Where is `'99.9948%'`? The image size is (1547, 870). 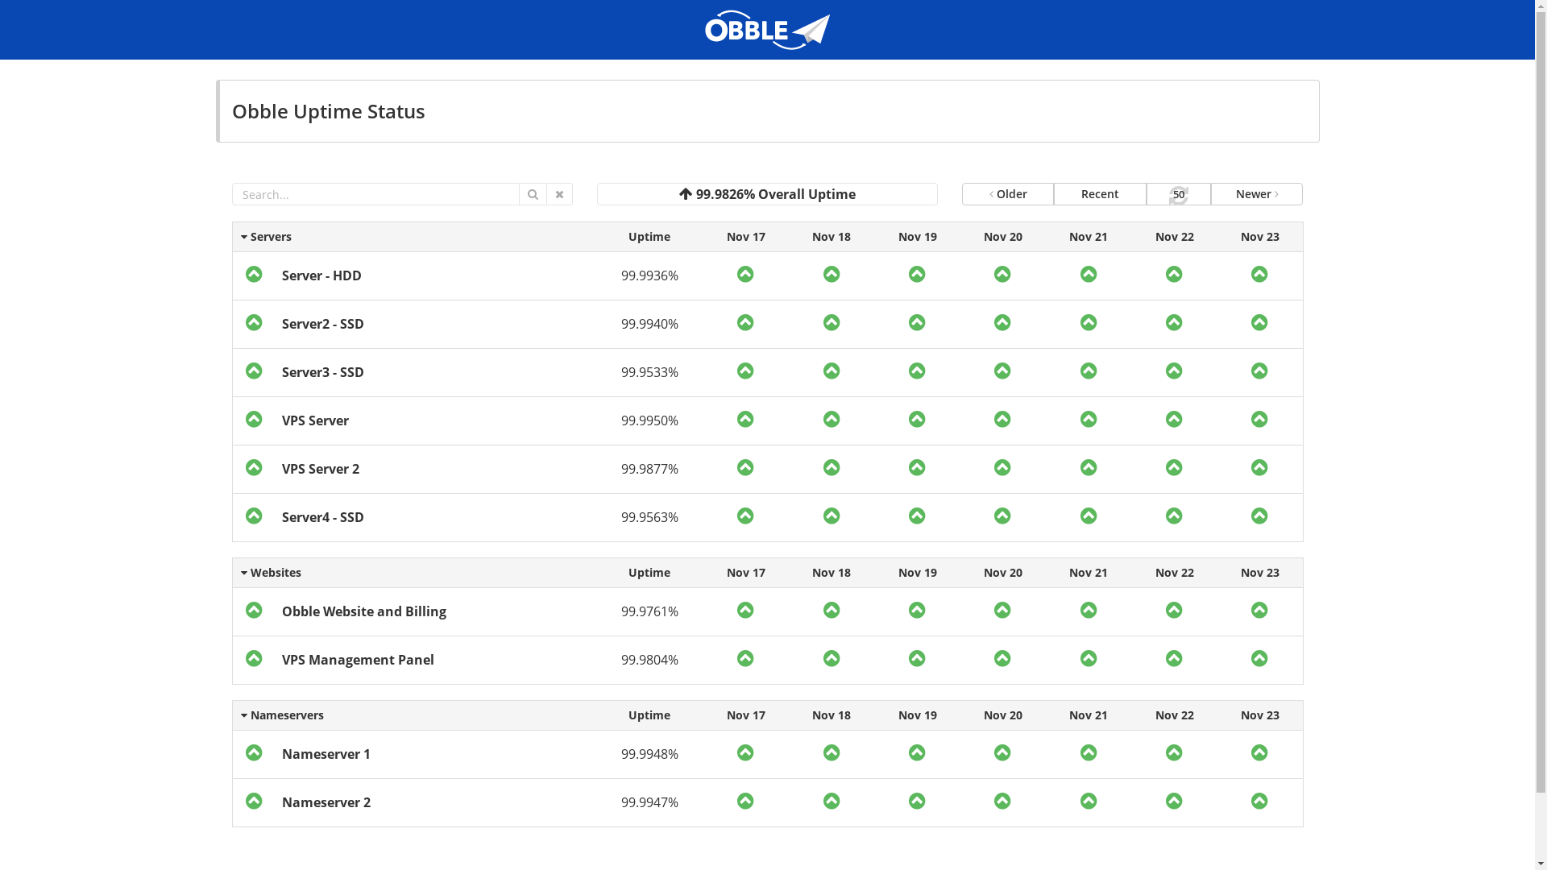
'99.9948%' is located at coordinates (649, 754).